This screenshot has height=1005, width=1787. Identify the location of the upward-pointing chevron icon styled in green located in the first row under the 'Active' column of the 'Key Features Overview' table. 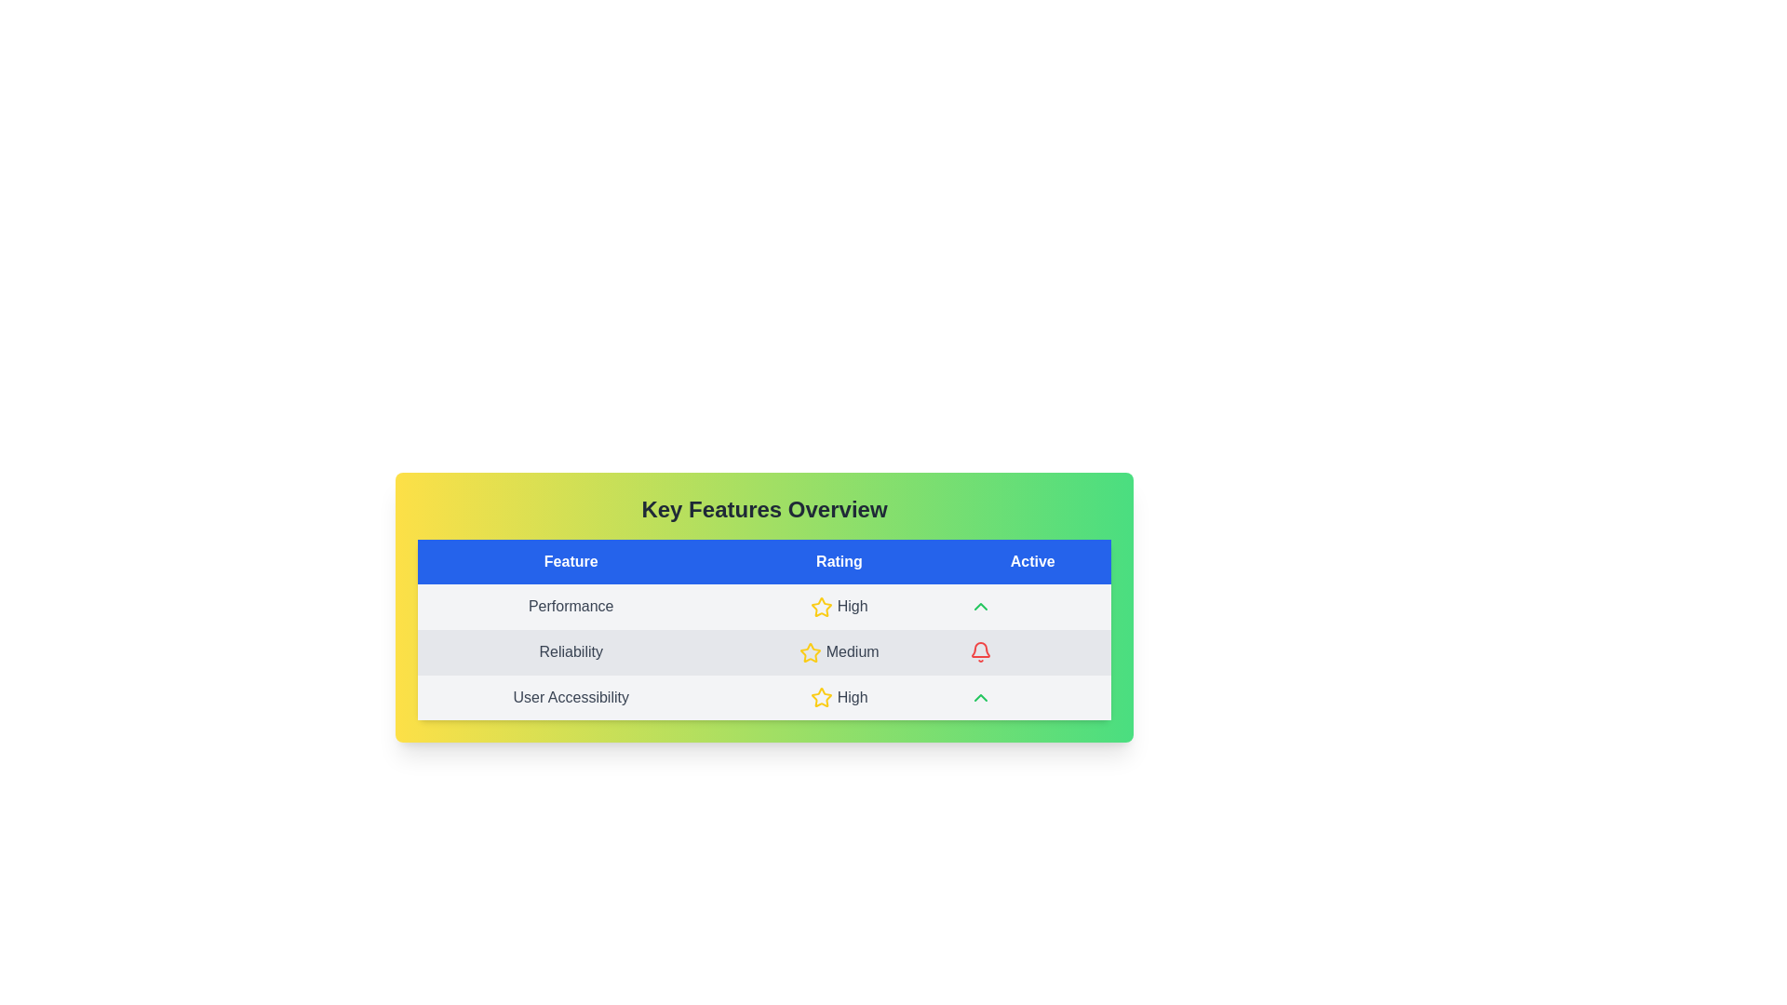
(979, 607).